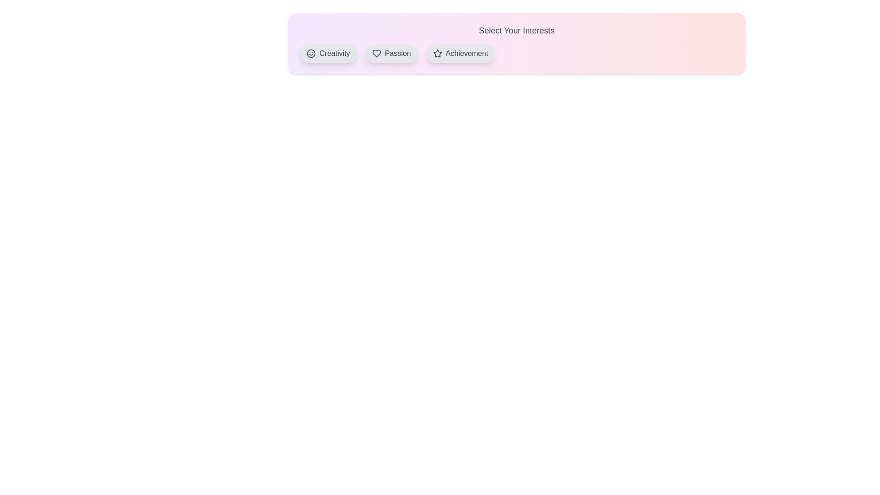 The height and width of the screenshot is (495, 880). I want to click on the Achievement button to observe hover effects, so click(460, 53).